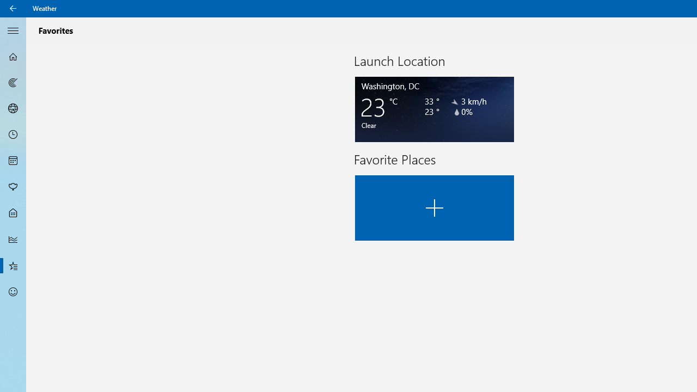 Image resolution: width=697 pixels, height=392 pixels. I want to click on 'Historical Weather - Not Selected', so click(13, 238).